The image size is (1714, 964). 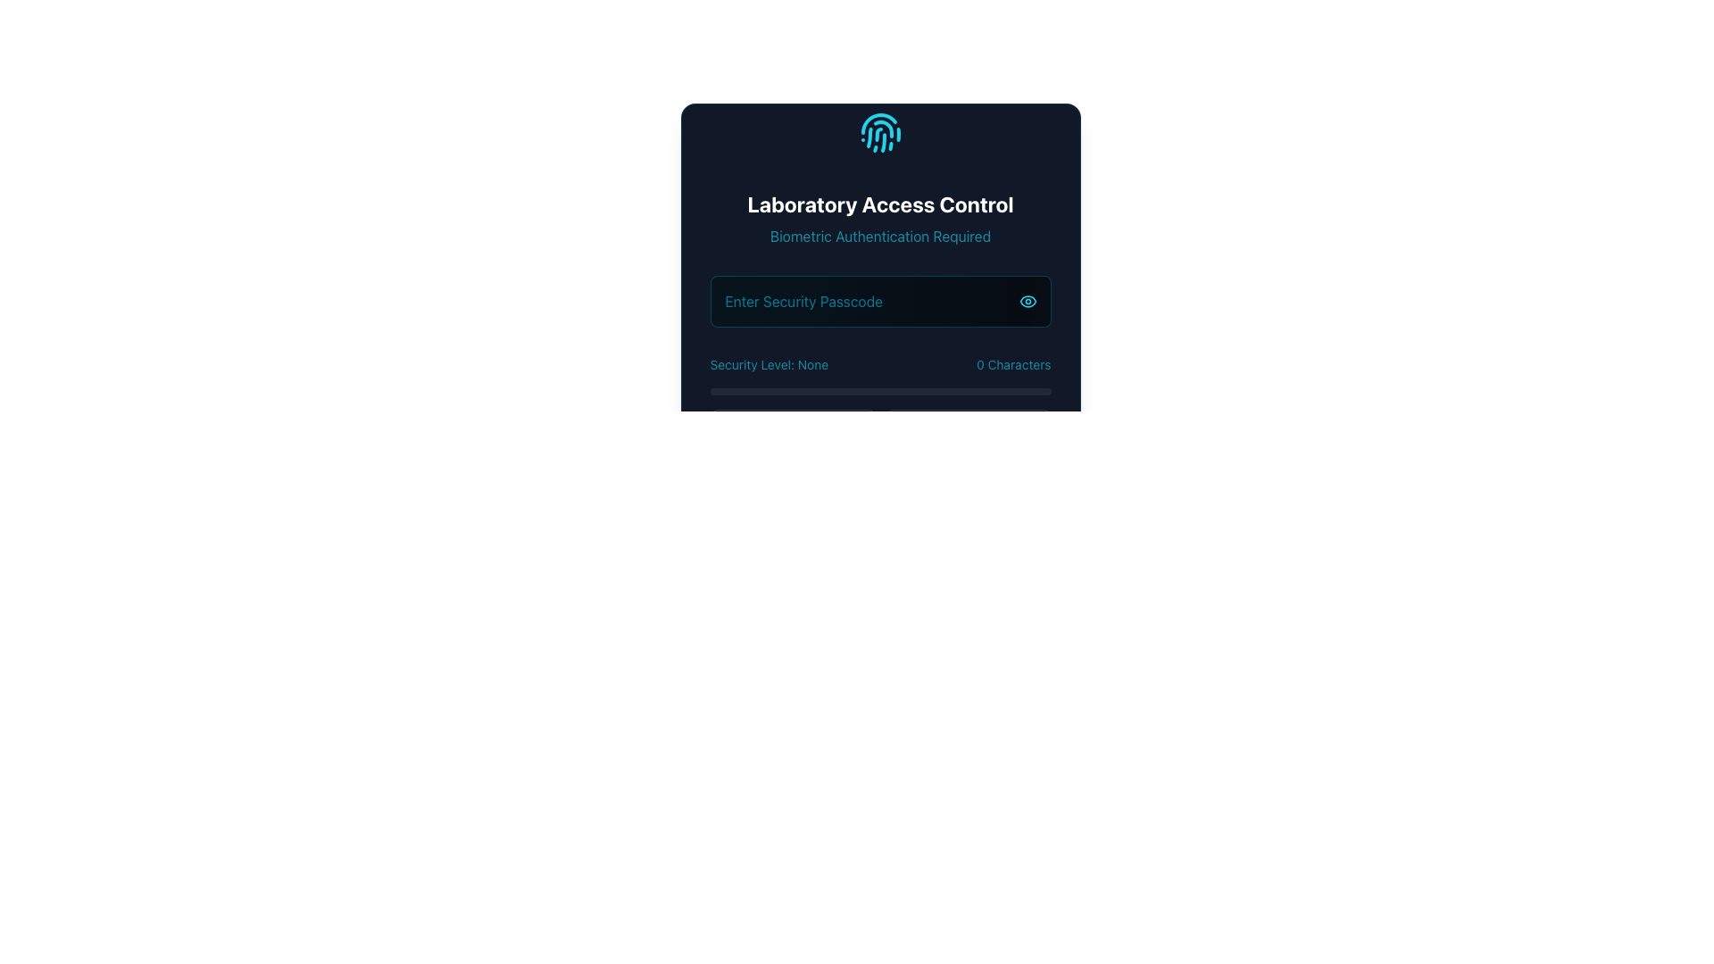 What do you see at coordinates (883, 142) in the screenshot?
I see `the Icon segment of the fingerprint graphic, which is located in the lower middle segment of the graphic above the text 'Laboratory Access Control'` at bounding box center [883, 142].